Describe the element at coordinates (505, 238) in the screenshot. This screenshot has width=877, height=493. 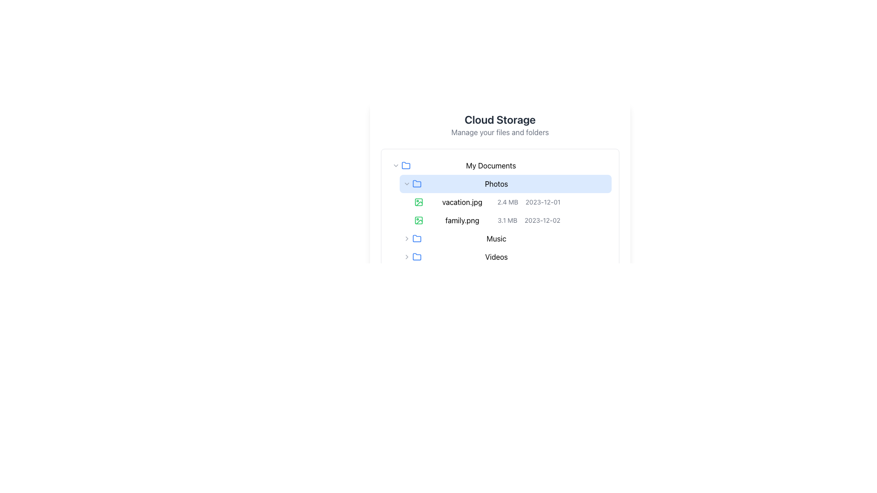
I see `the 'Music' folder item` at that location.